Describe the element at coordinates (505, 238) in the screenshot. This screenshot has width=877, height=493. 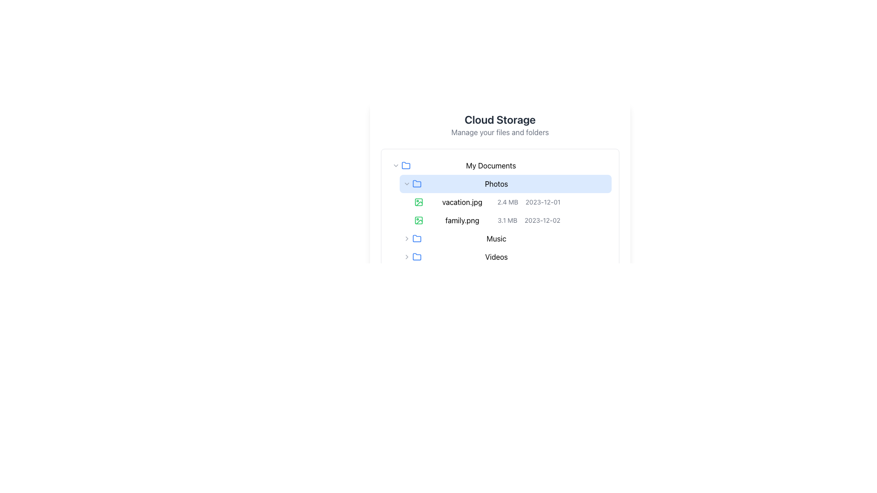
I see `the 'Music' folder item` at that location.